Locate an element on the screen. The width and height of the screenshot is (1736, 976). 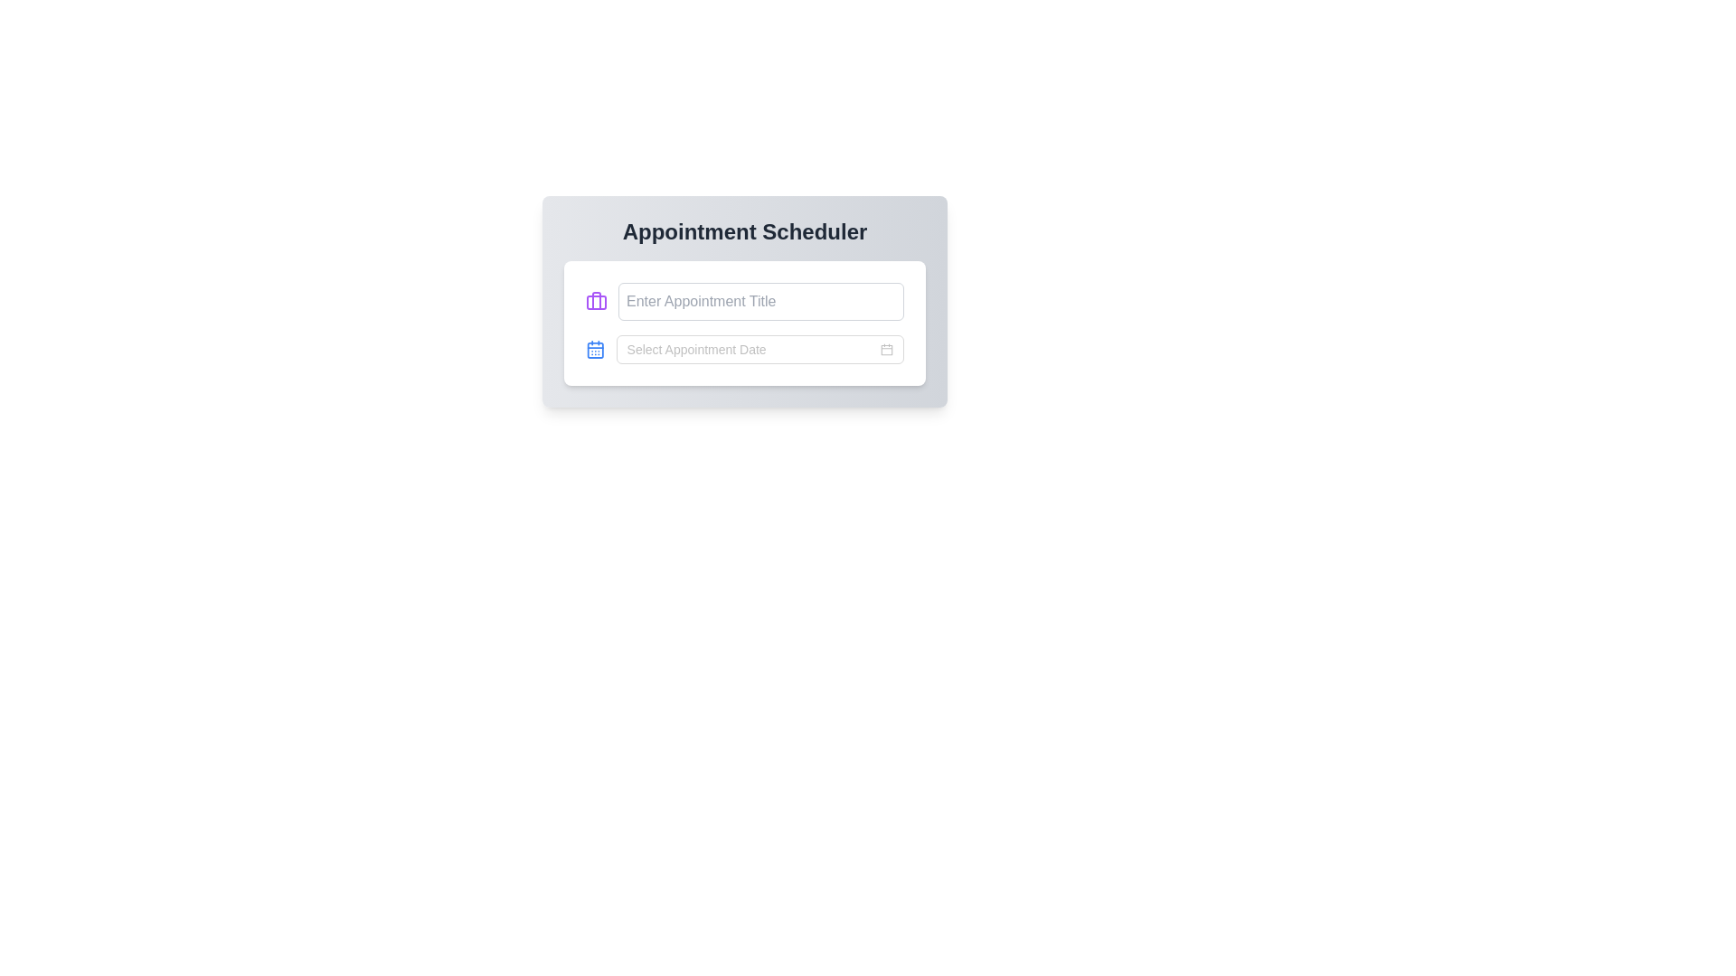
the text input field for appointment date selection, which has the placeholder 'Select Appointment Date' is located at coordinates (745, 349).